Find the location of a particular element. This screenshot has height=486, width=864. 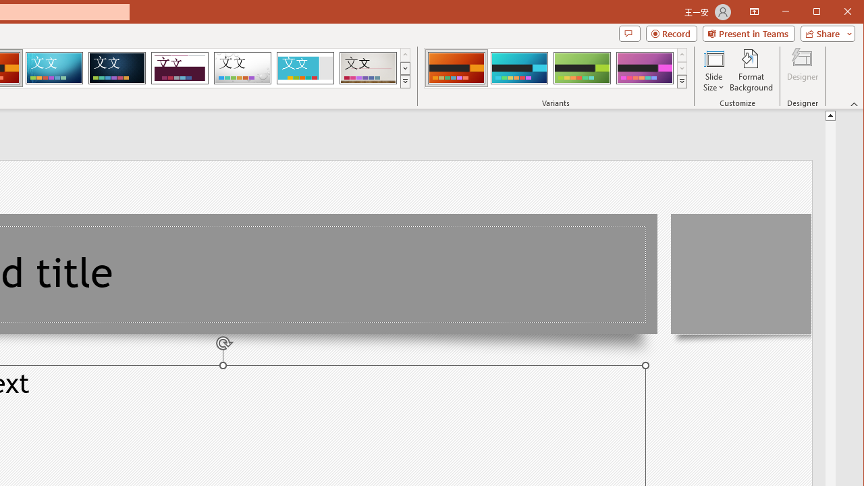

'Frame' is located at coordinates (304, 67).